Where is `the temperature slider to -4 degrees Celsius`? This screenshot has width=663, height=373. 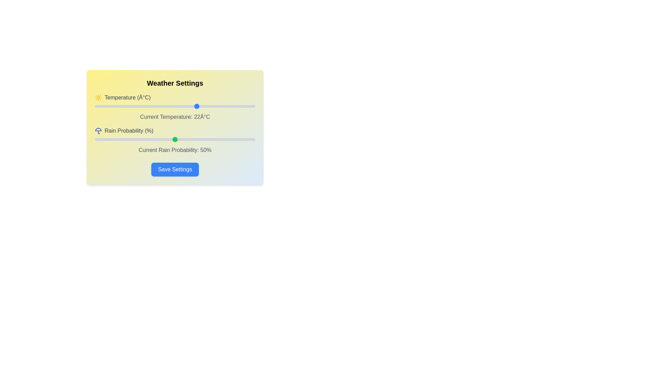
the temperature slider to -4 degrees Celsius is located at coordinates (114, 106).